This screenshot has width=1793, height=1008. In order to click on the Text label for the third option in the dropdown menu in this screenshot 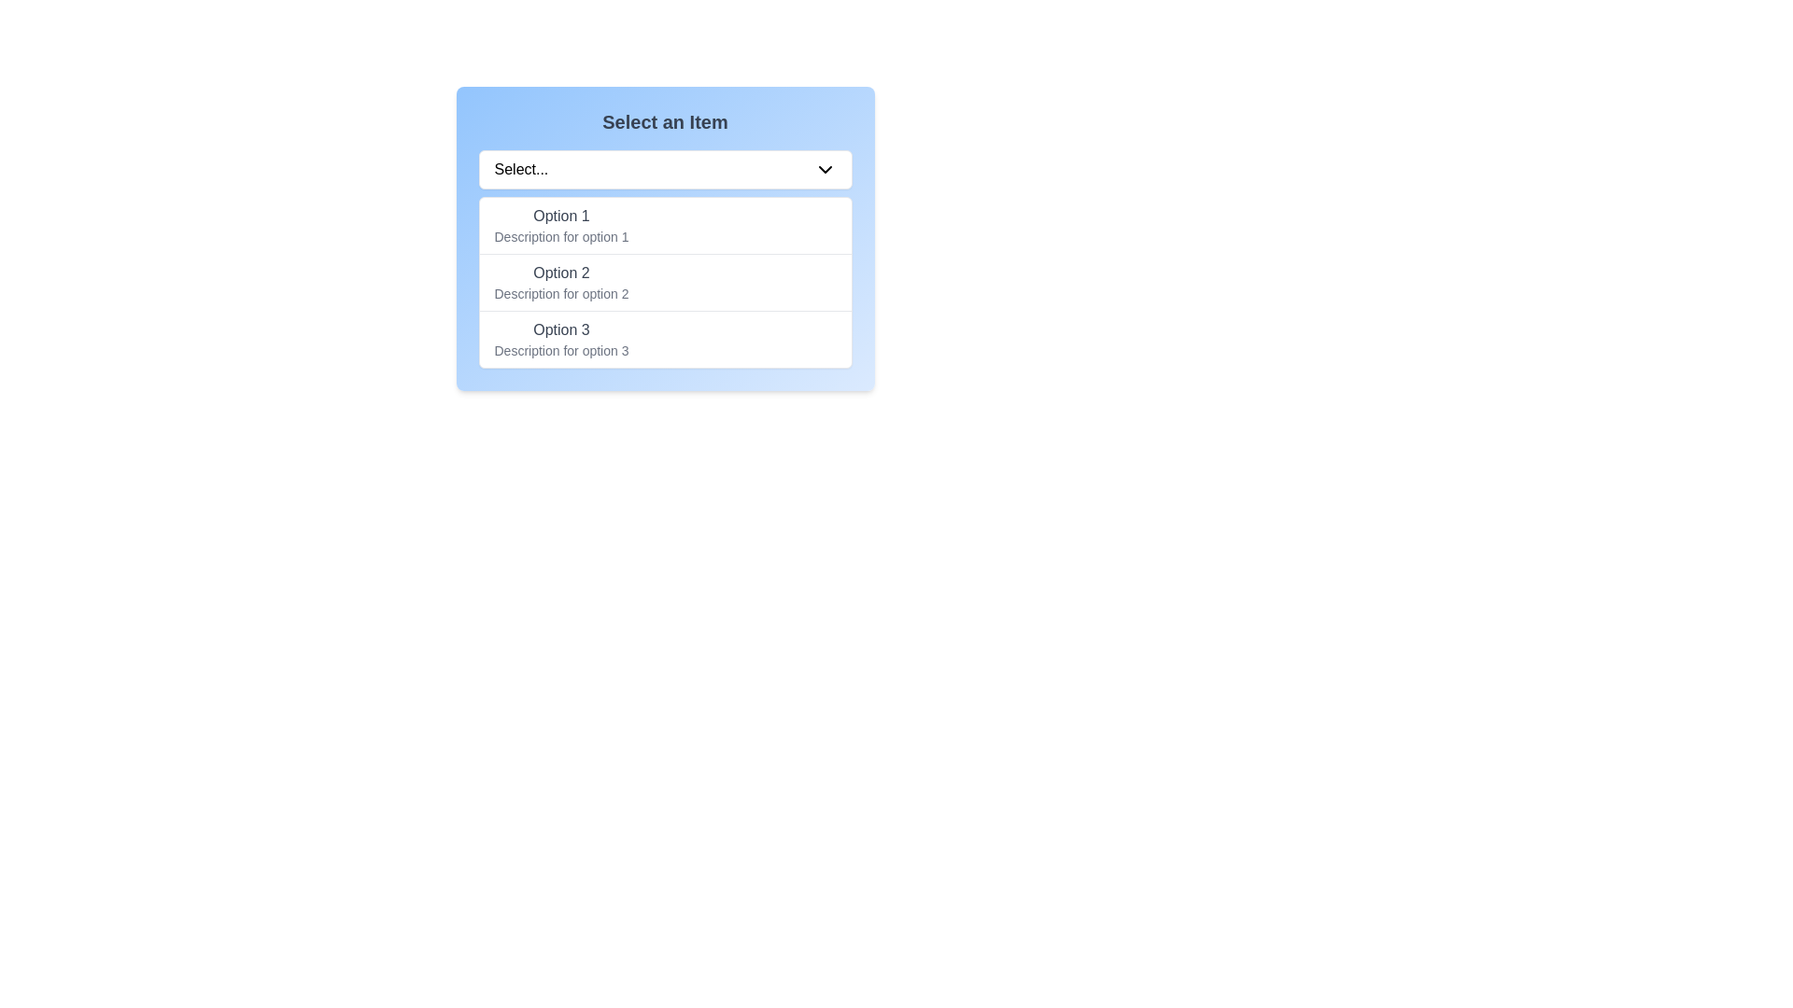, I will do `click(560, 329)`.